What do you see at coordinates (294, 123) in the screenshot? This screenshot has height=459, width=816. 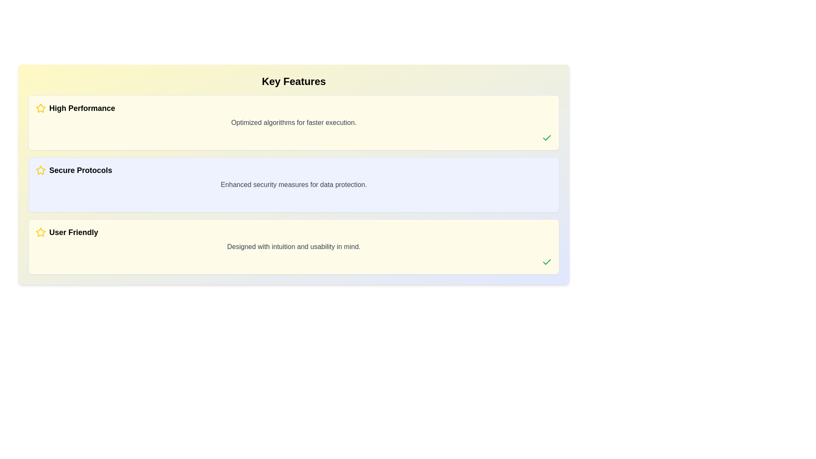 I see `the description text of High Performance to select it` at bounding box center [294, 123].